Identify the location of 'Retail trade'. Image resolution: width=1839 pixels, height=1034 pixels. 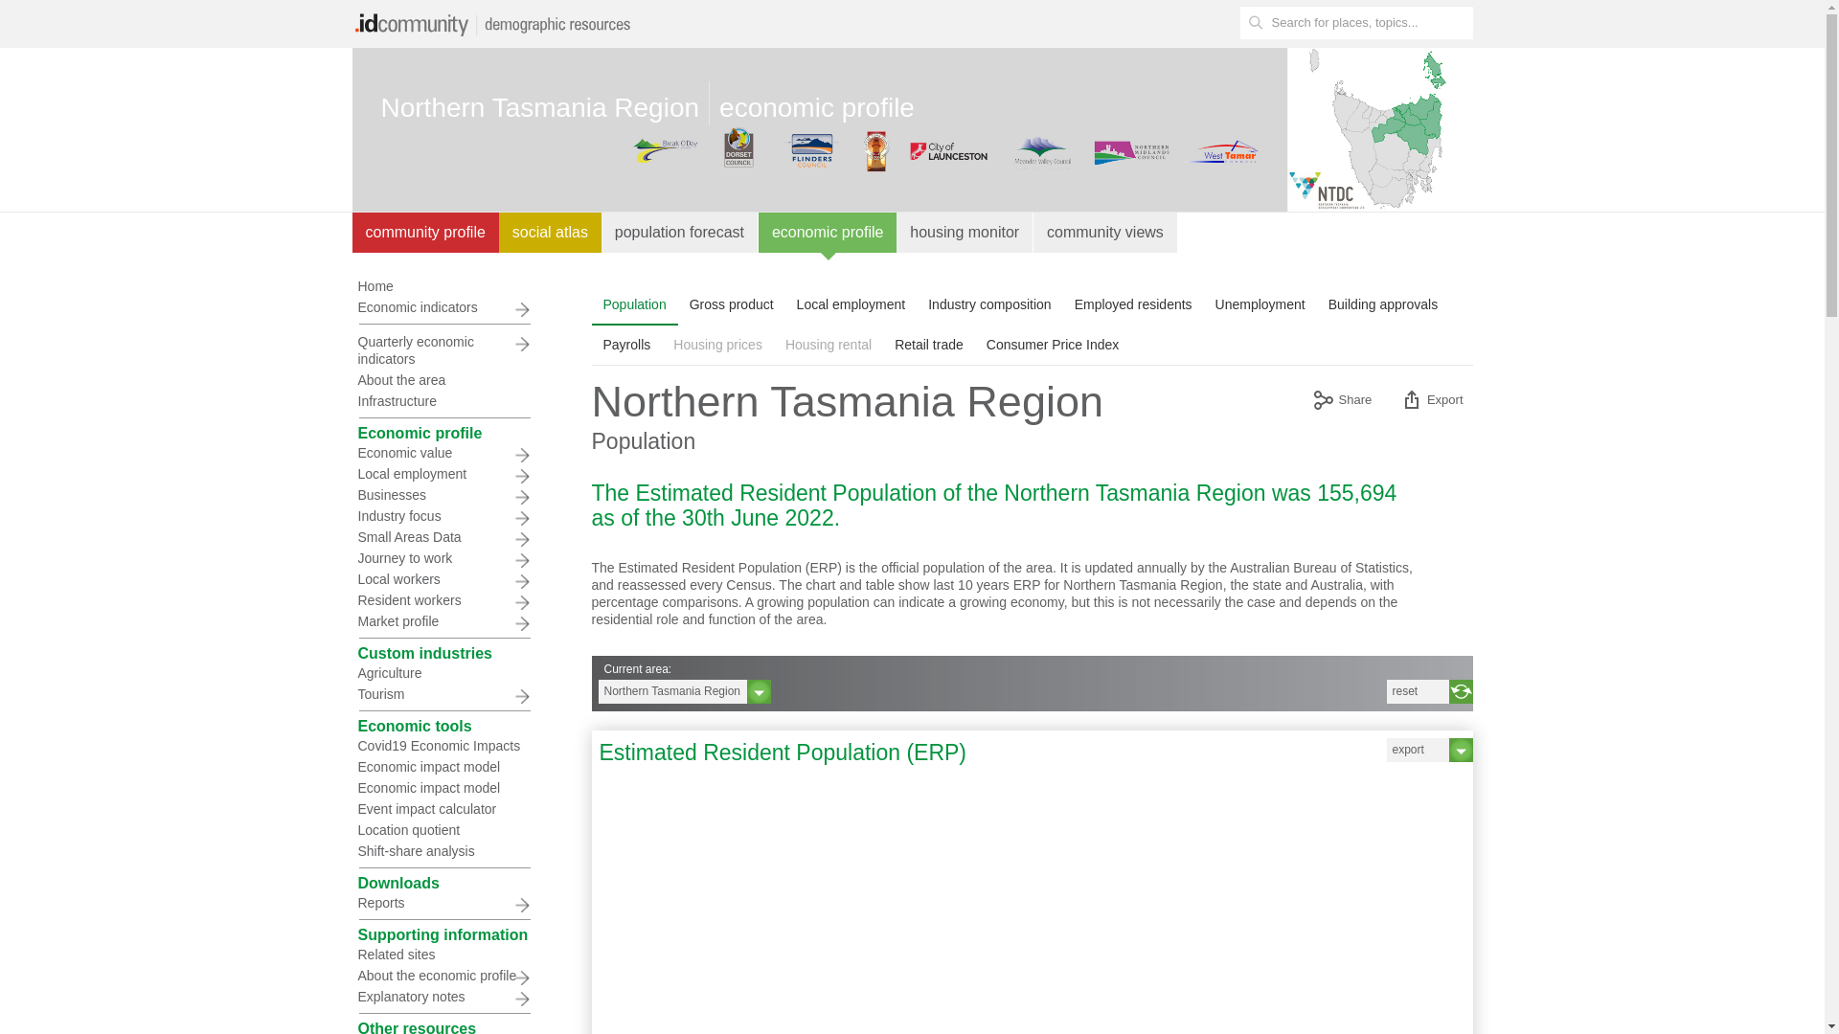
(928, 343).